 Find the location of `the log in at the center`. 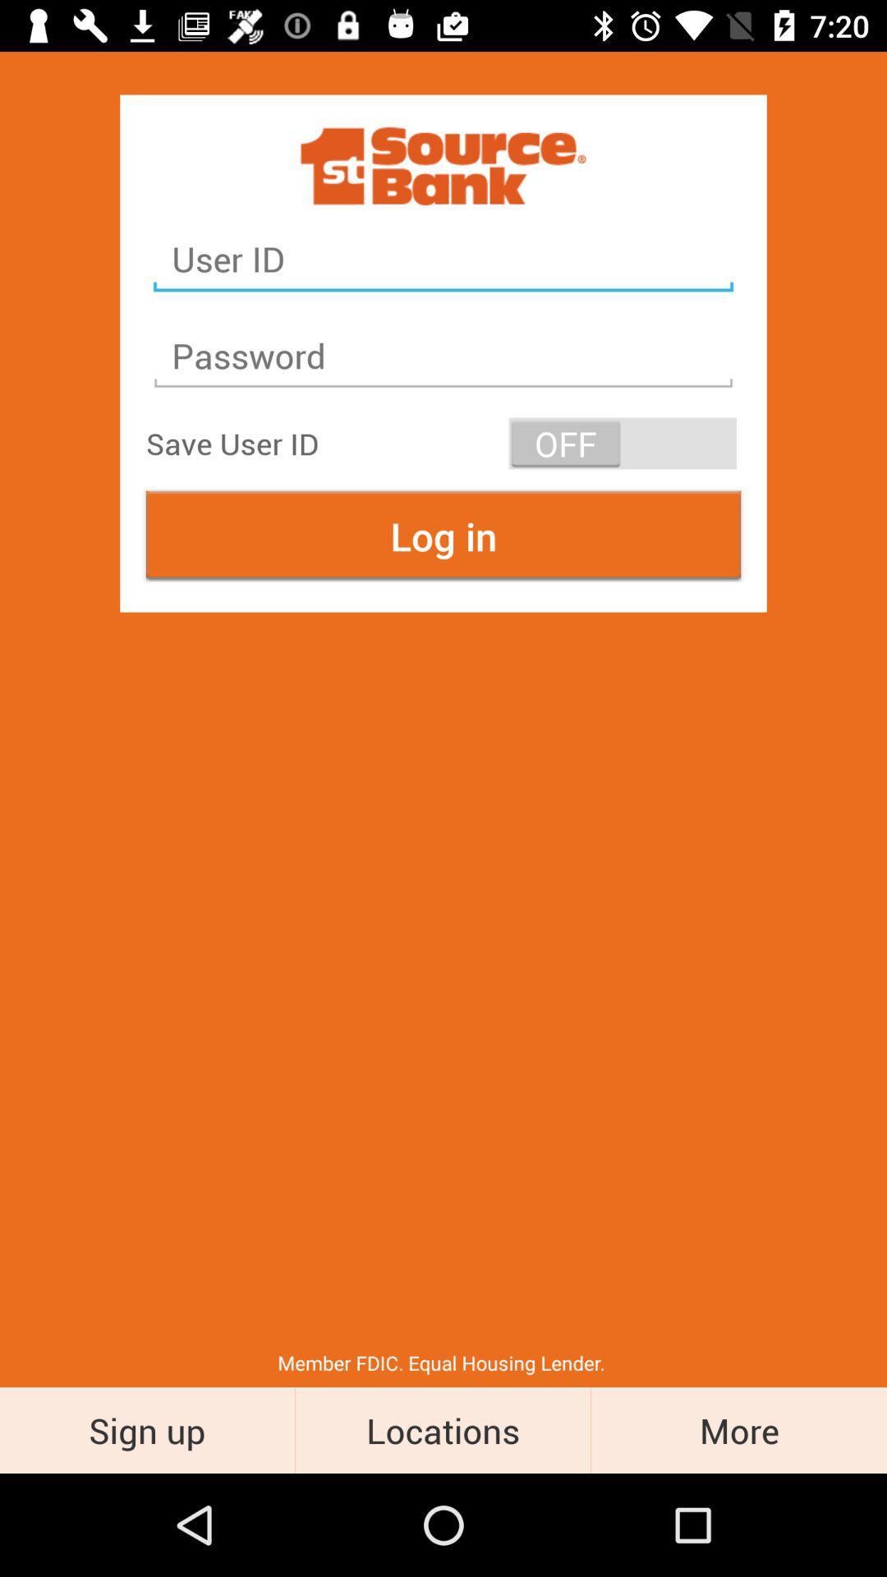

the log in at the center is located at coordinates (443, 536).